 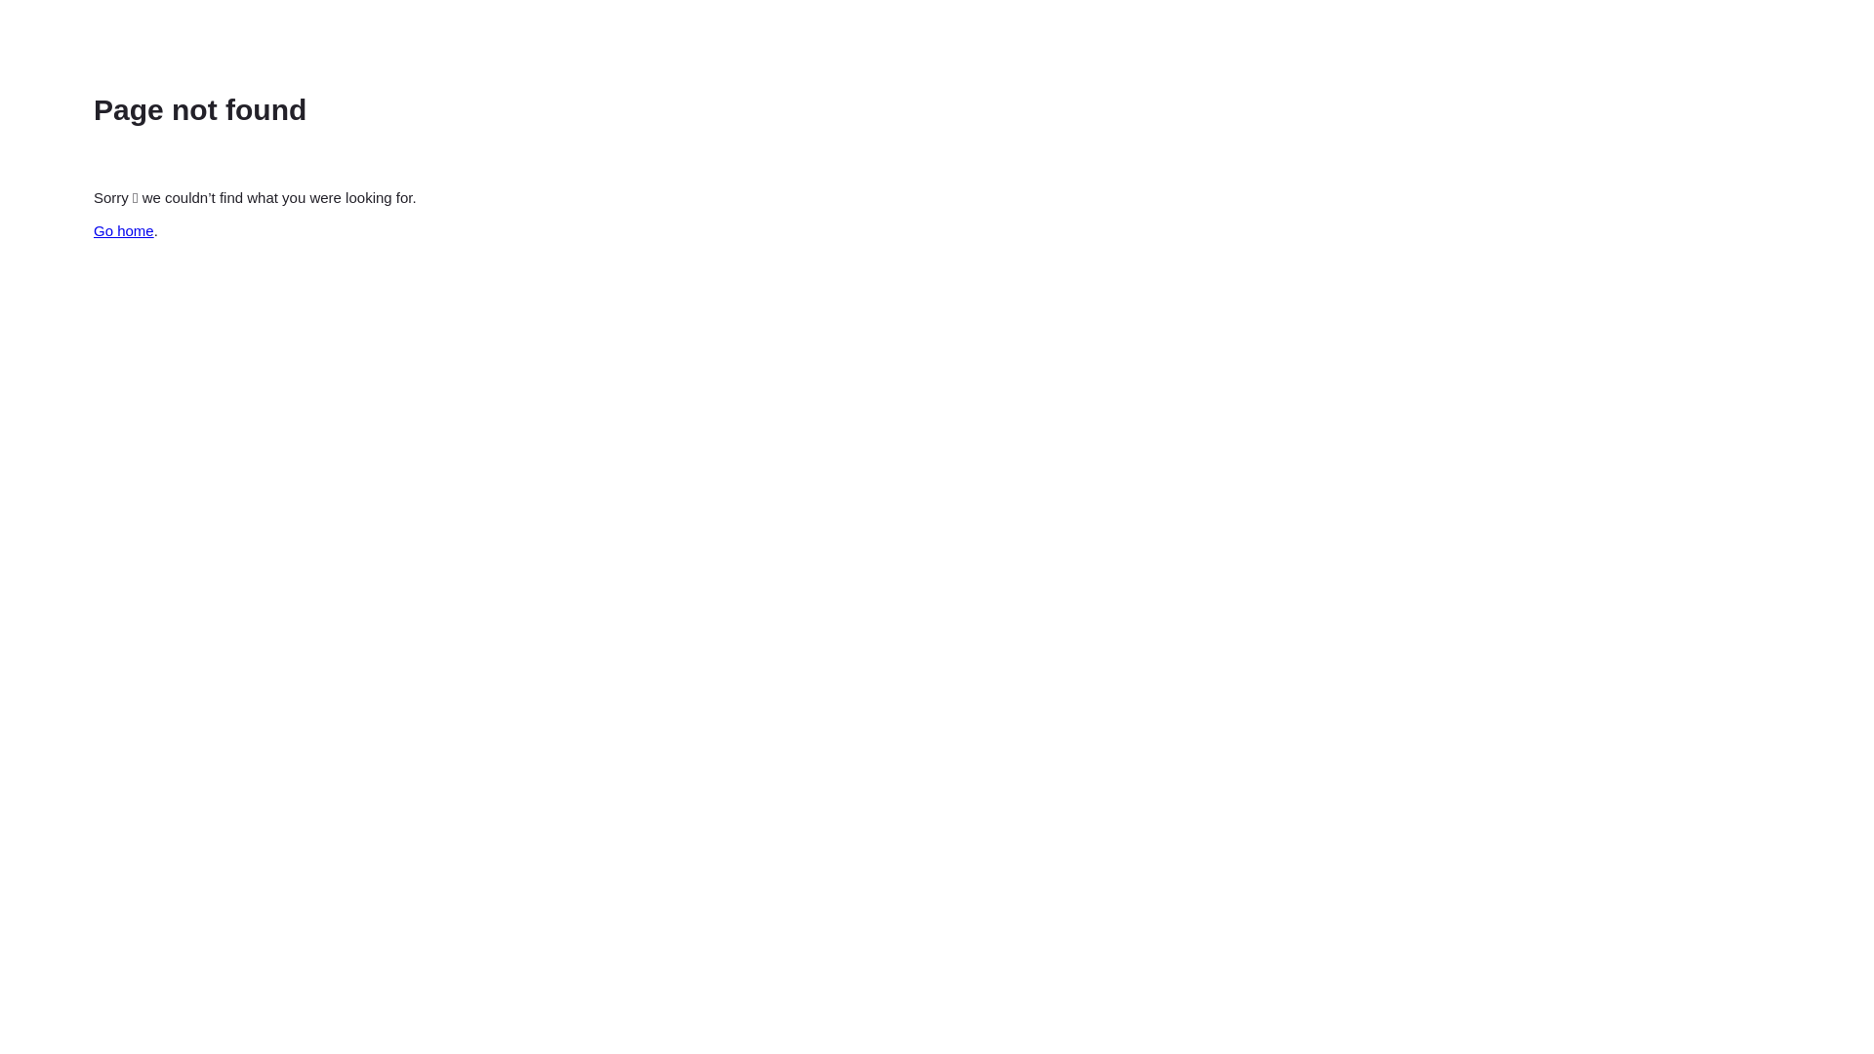 What do you see at coordinates (122, 229) in the screenshot?
I see `'Go home'` at bounding box center [122, 229].